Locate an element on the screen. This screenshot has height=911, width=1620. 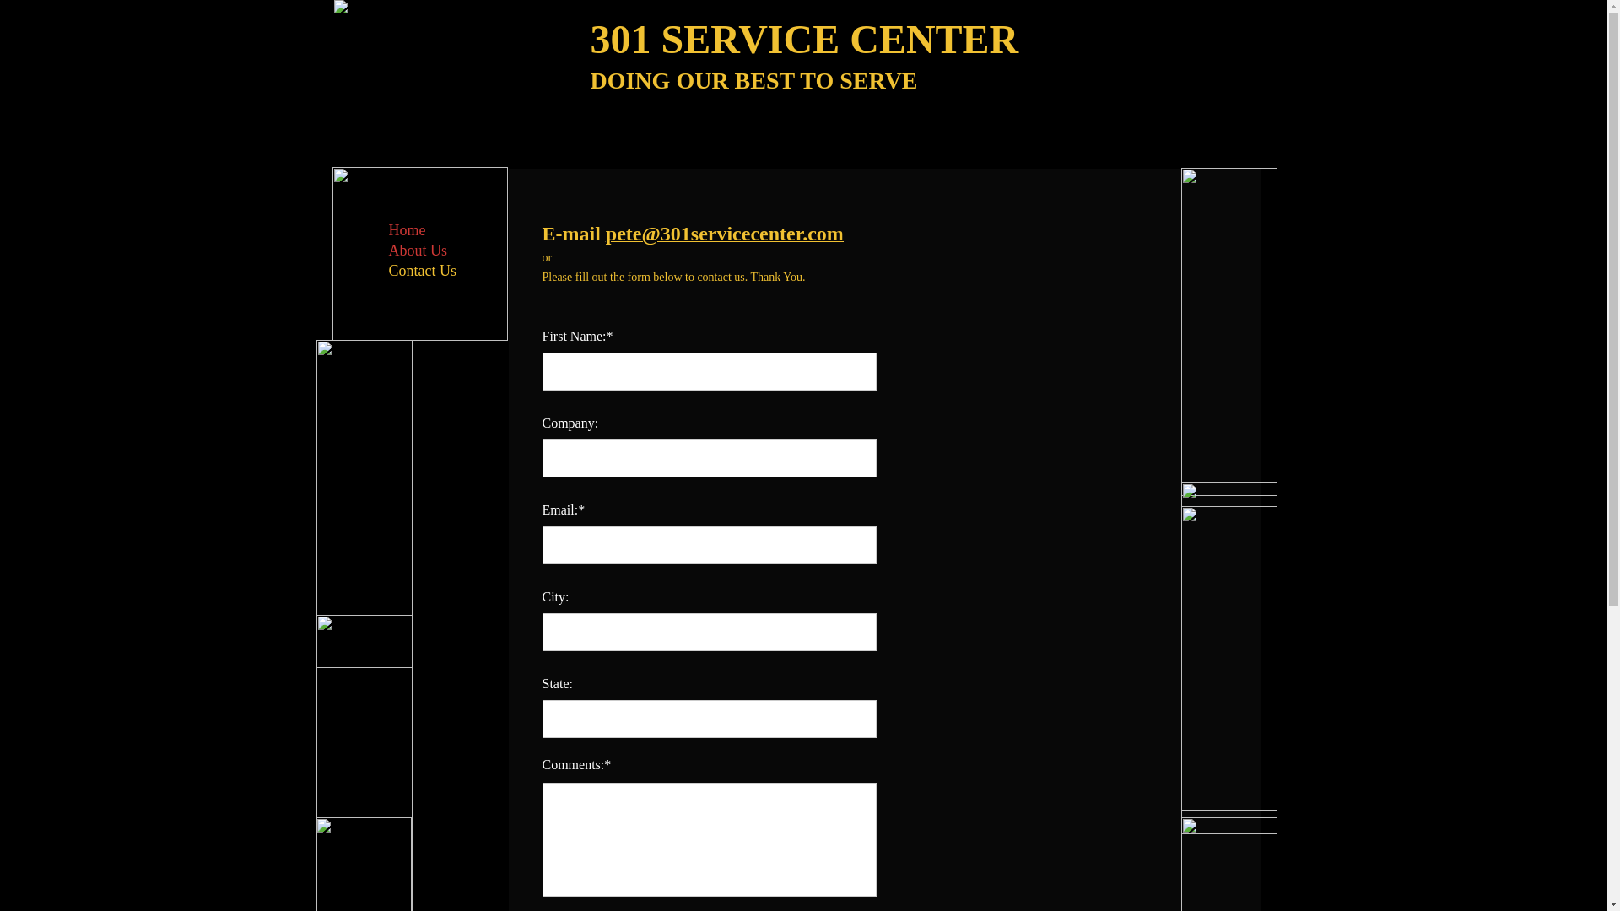
'pete@301servicecenter.com' is located at coordinates (725, 235).